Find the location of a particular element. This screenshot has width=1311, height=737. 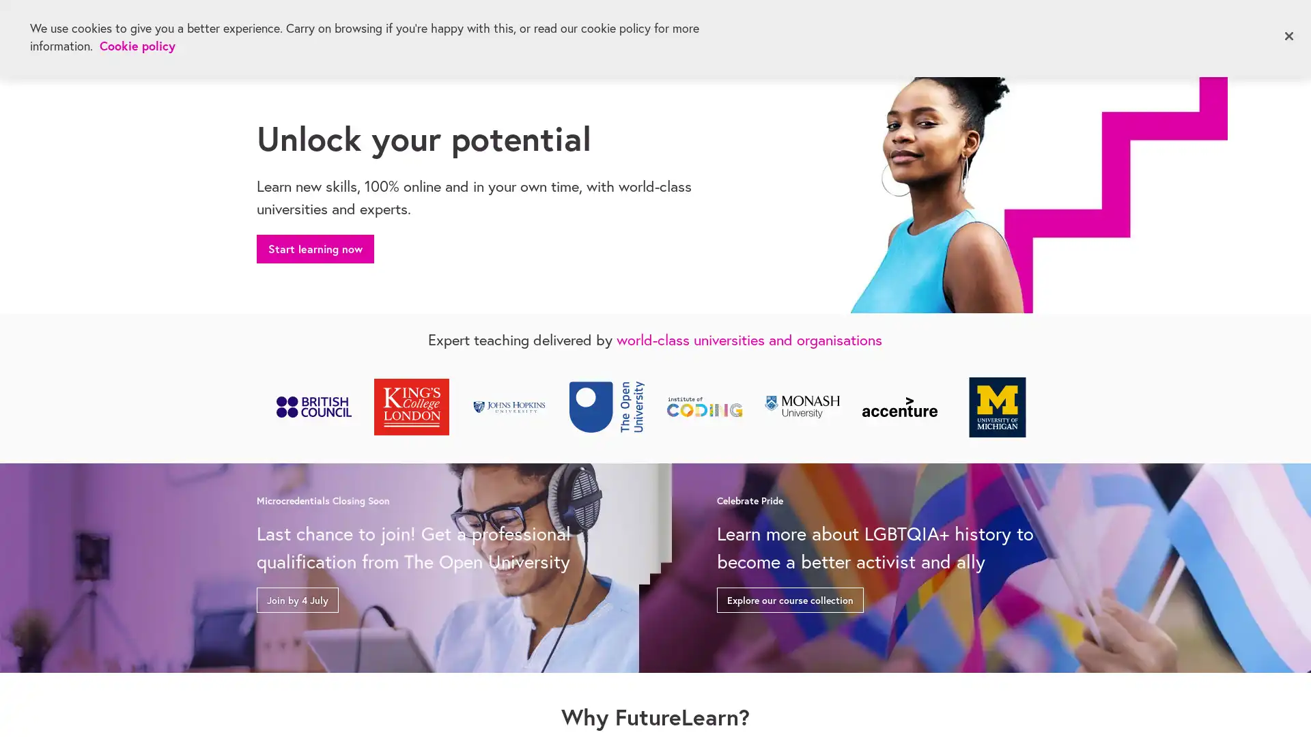

Explore our course collection is located at coordinates (789, 596).